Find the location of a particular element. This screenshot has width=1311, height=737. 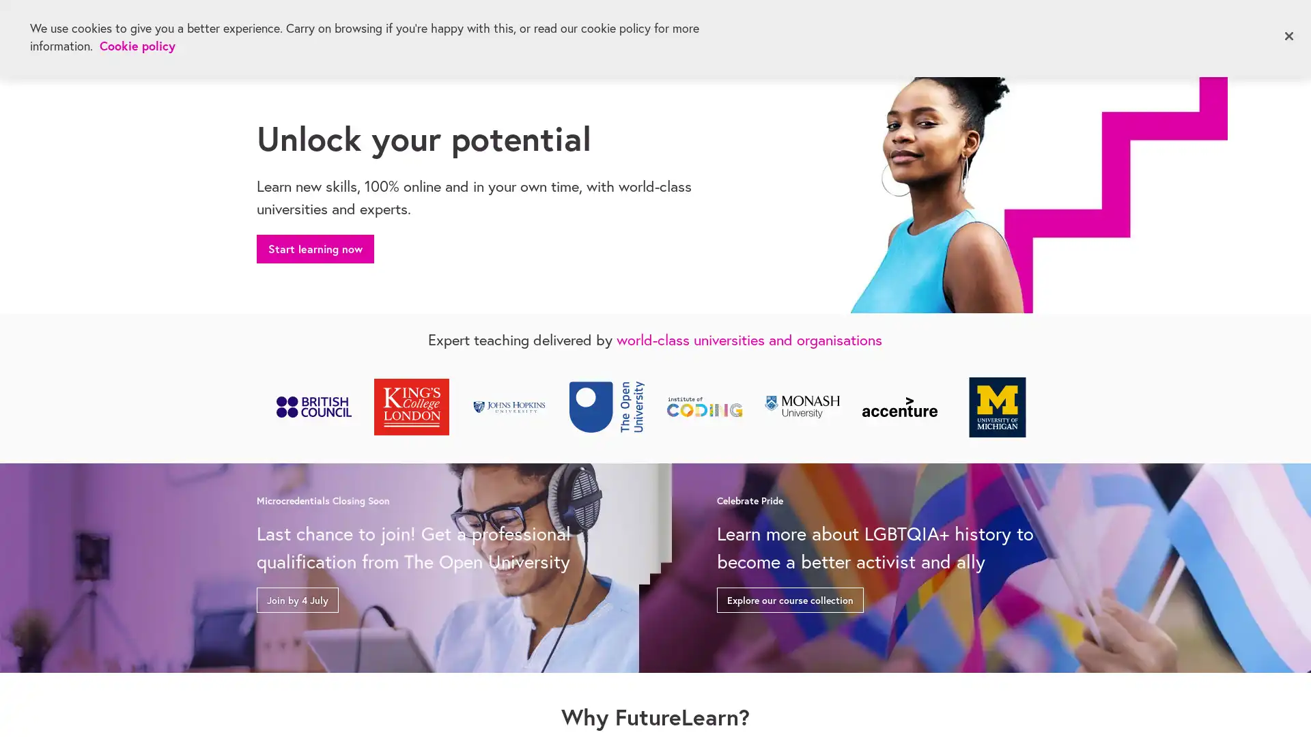

Explore our course collection is located at coordinates (789, 596).